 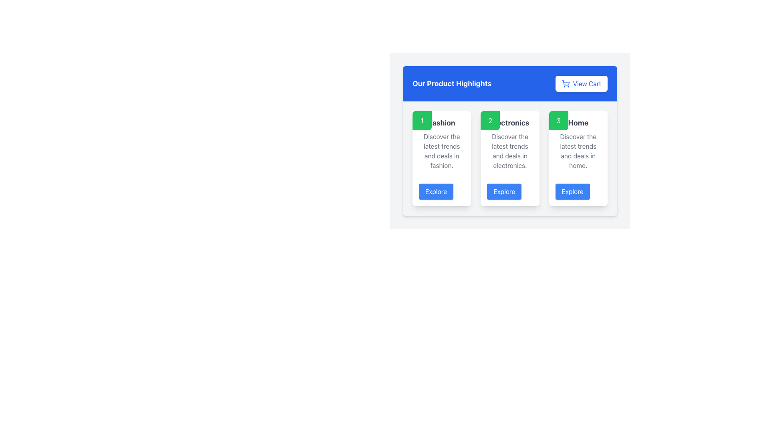 What do you see at coordinates (578, 158) in the screenshot?
I see `the Information Card, which is the third promotional card in a row that provides information about home-related trends and deals` at bounding box center [578, 158].